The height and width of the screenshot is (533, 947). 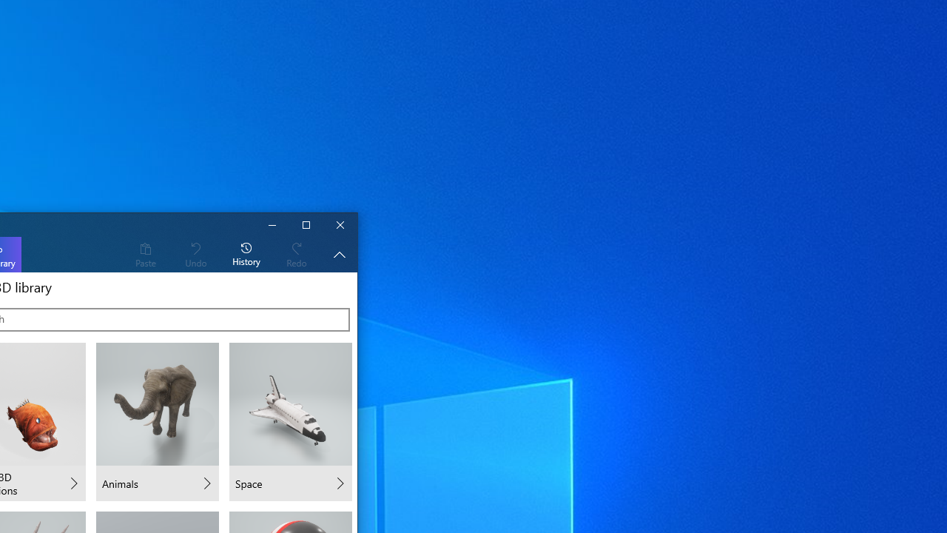 I want to click on 'Animals', so click(x=158, y=422).